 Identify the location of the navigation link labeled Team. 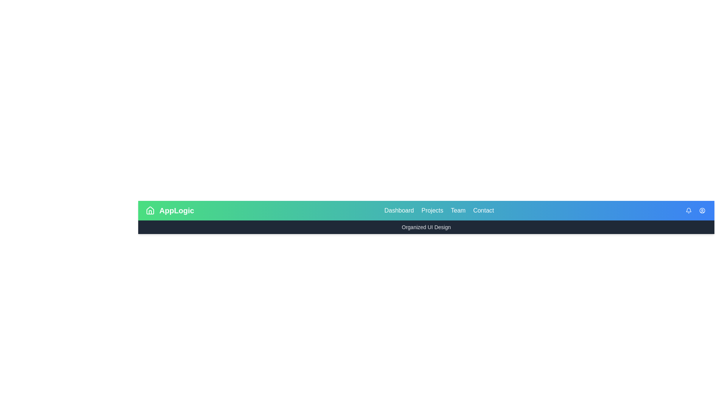
(458, 211).